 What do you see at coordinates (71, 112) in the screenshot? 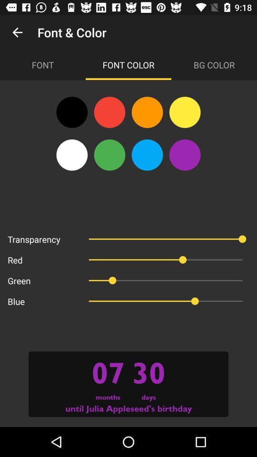
I see `icon below the font` at bounding box center [71, 112].